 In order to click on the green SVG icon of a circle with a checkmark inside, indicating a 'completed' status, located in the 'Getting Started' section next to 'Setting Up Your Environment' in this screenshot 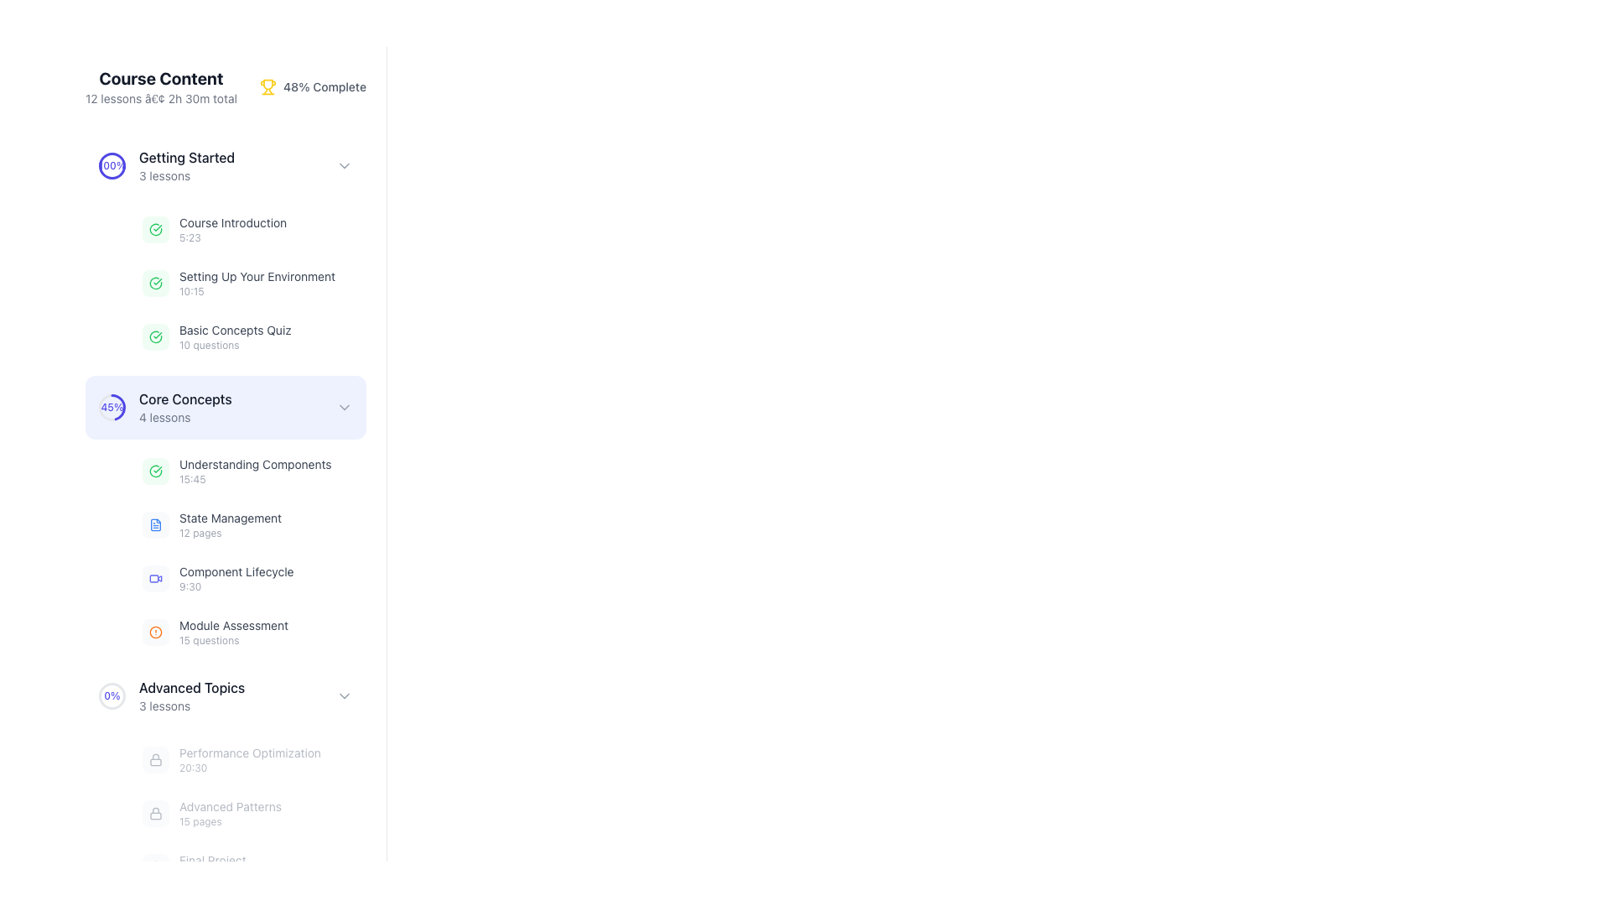, I will do `click(156, 229)`.